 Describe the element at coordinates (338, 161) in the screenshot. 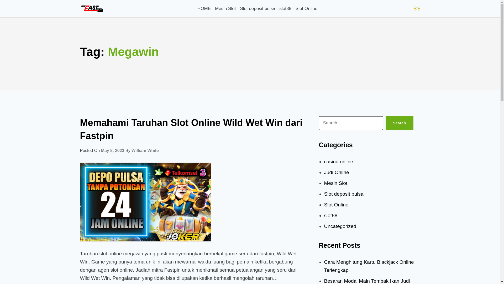

I see `'casino online'` at that location.